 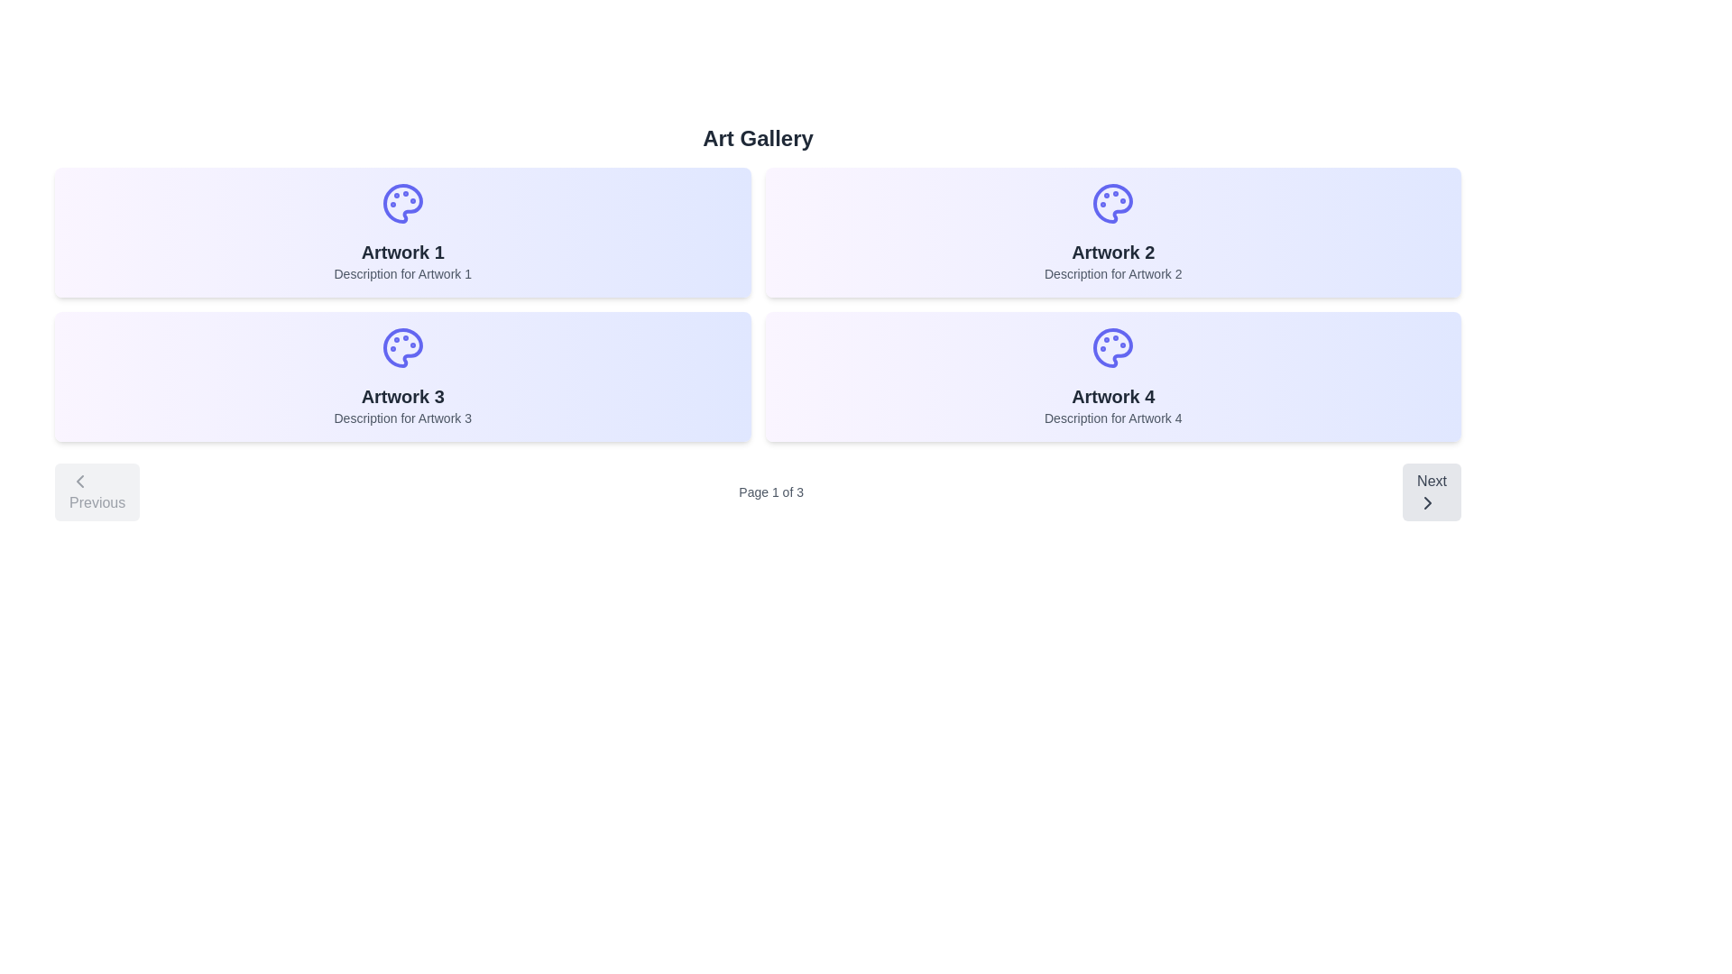 What do you see at coordinates (1431, 492) in the screenshot?
I see `the 'Next' button located at the bottom-right corner of the interface` at bounding box center [1431, 492].